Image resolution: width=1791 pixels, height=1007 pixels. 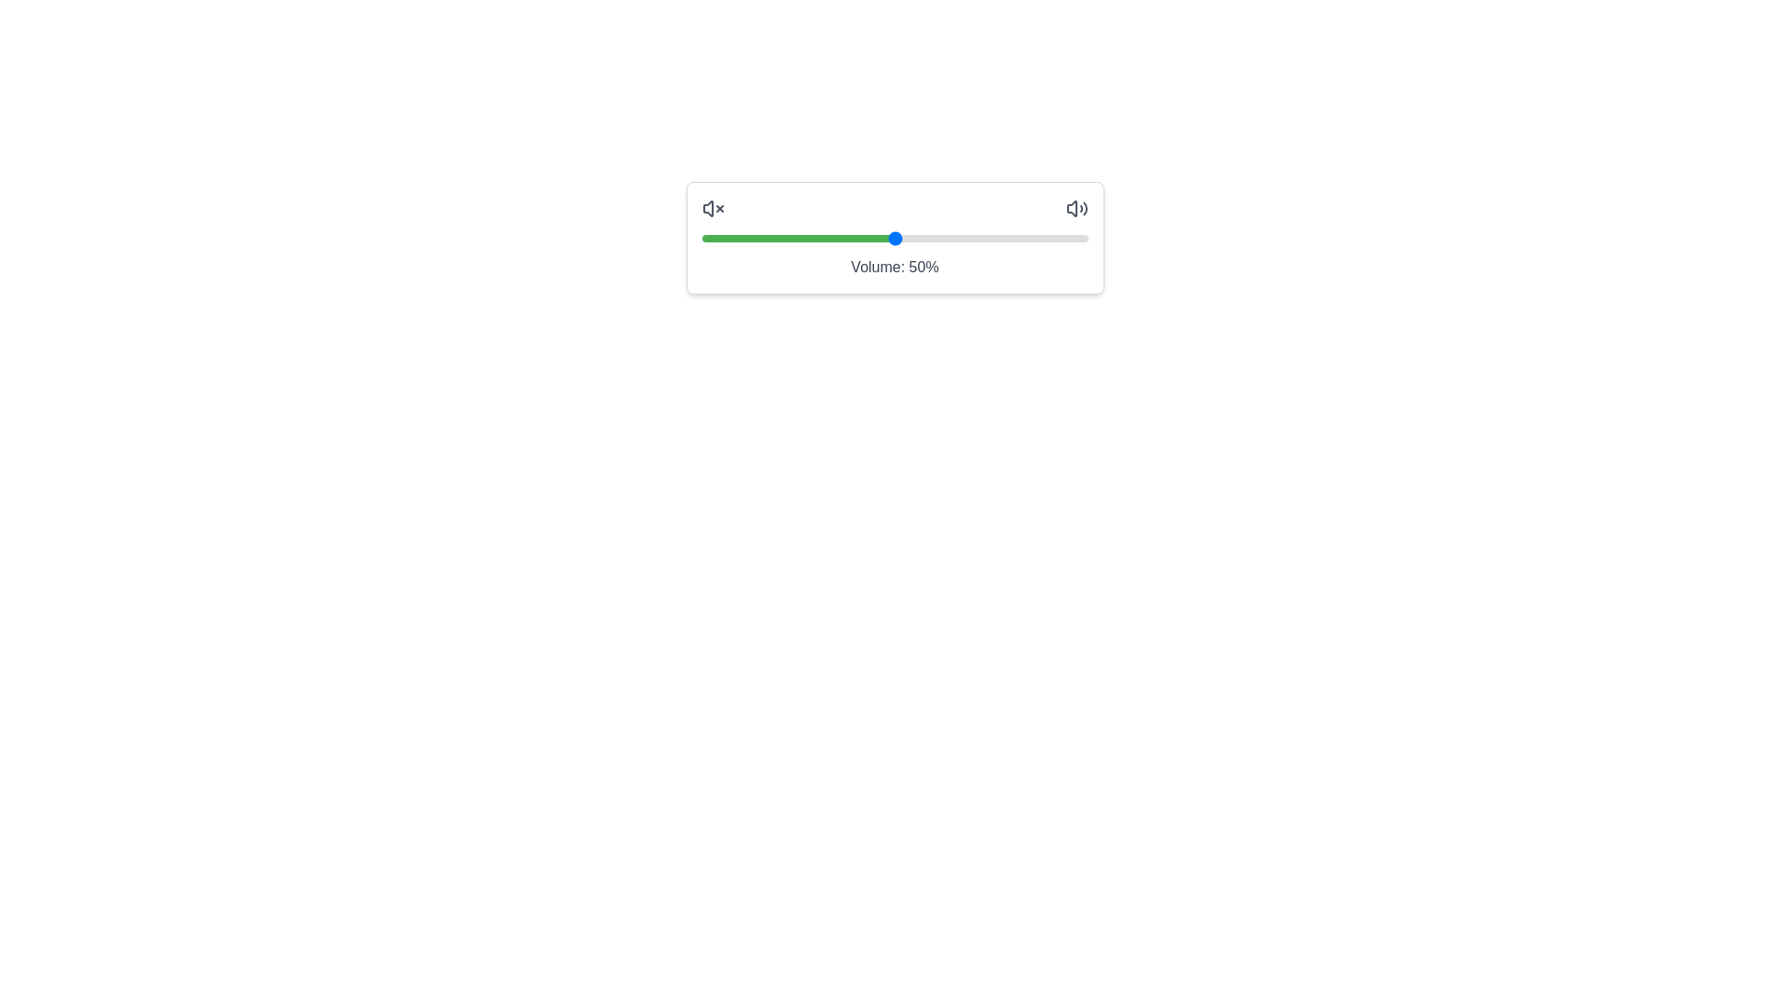 I want to click on the slider, so click(x=824, y=237).